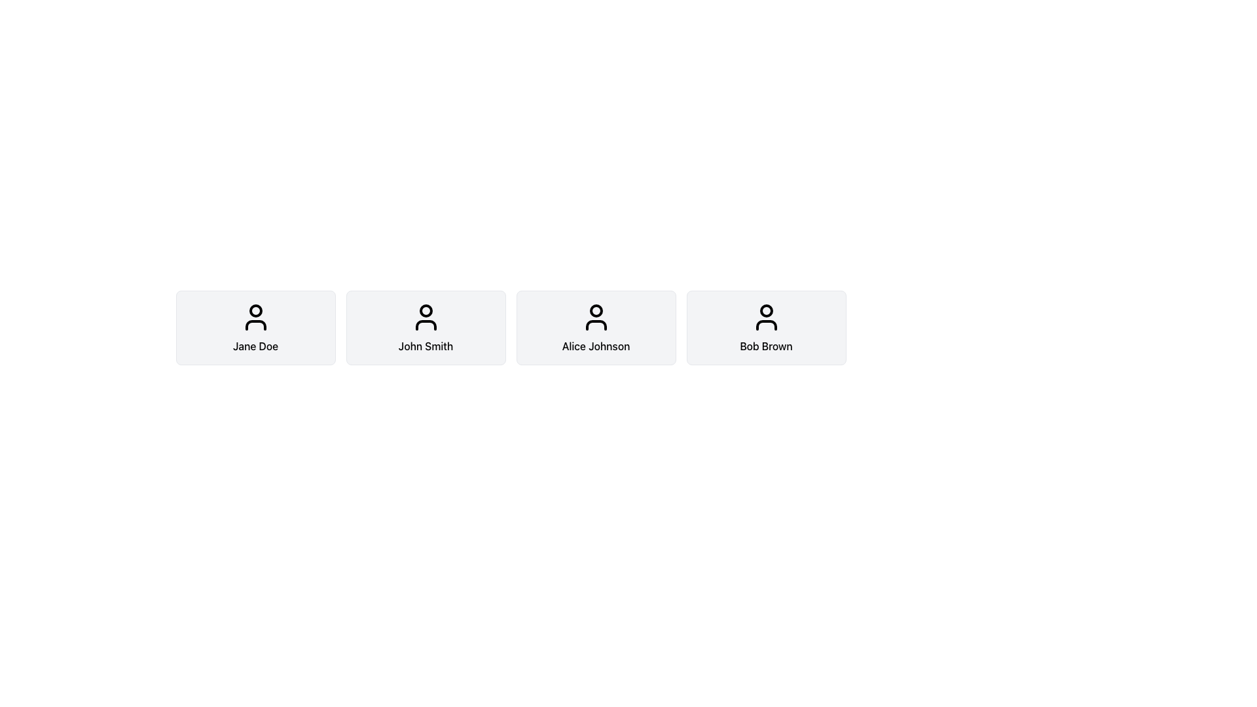 The width and height of the screenshot is (1257, 707). I want to click on the lower segment of the user profile icon for 'Bob Brown', which resembles shoulders or a torso and is located in the fourth card from the left, so click(766, 325).